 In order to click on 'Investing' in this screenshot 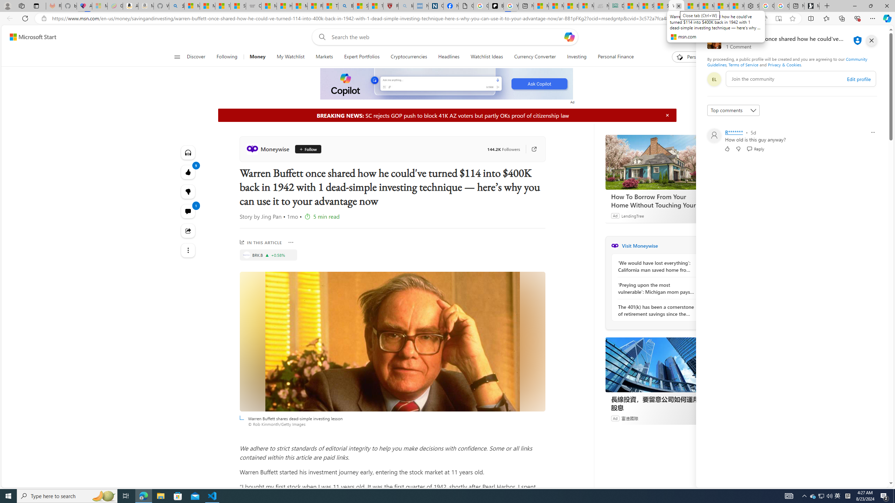, I will do `click(576, 57)`.